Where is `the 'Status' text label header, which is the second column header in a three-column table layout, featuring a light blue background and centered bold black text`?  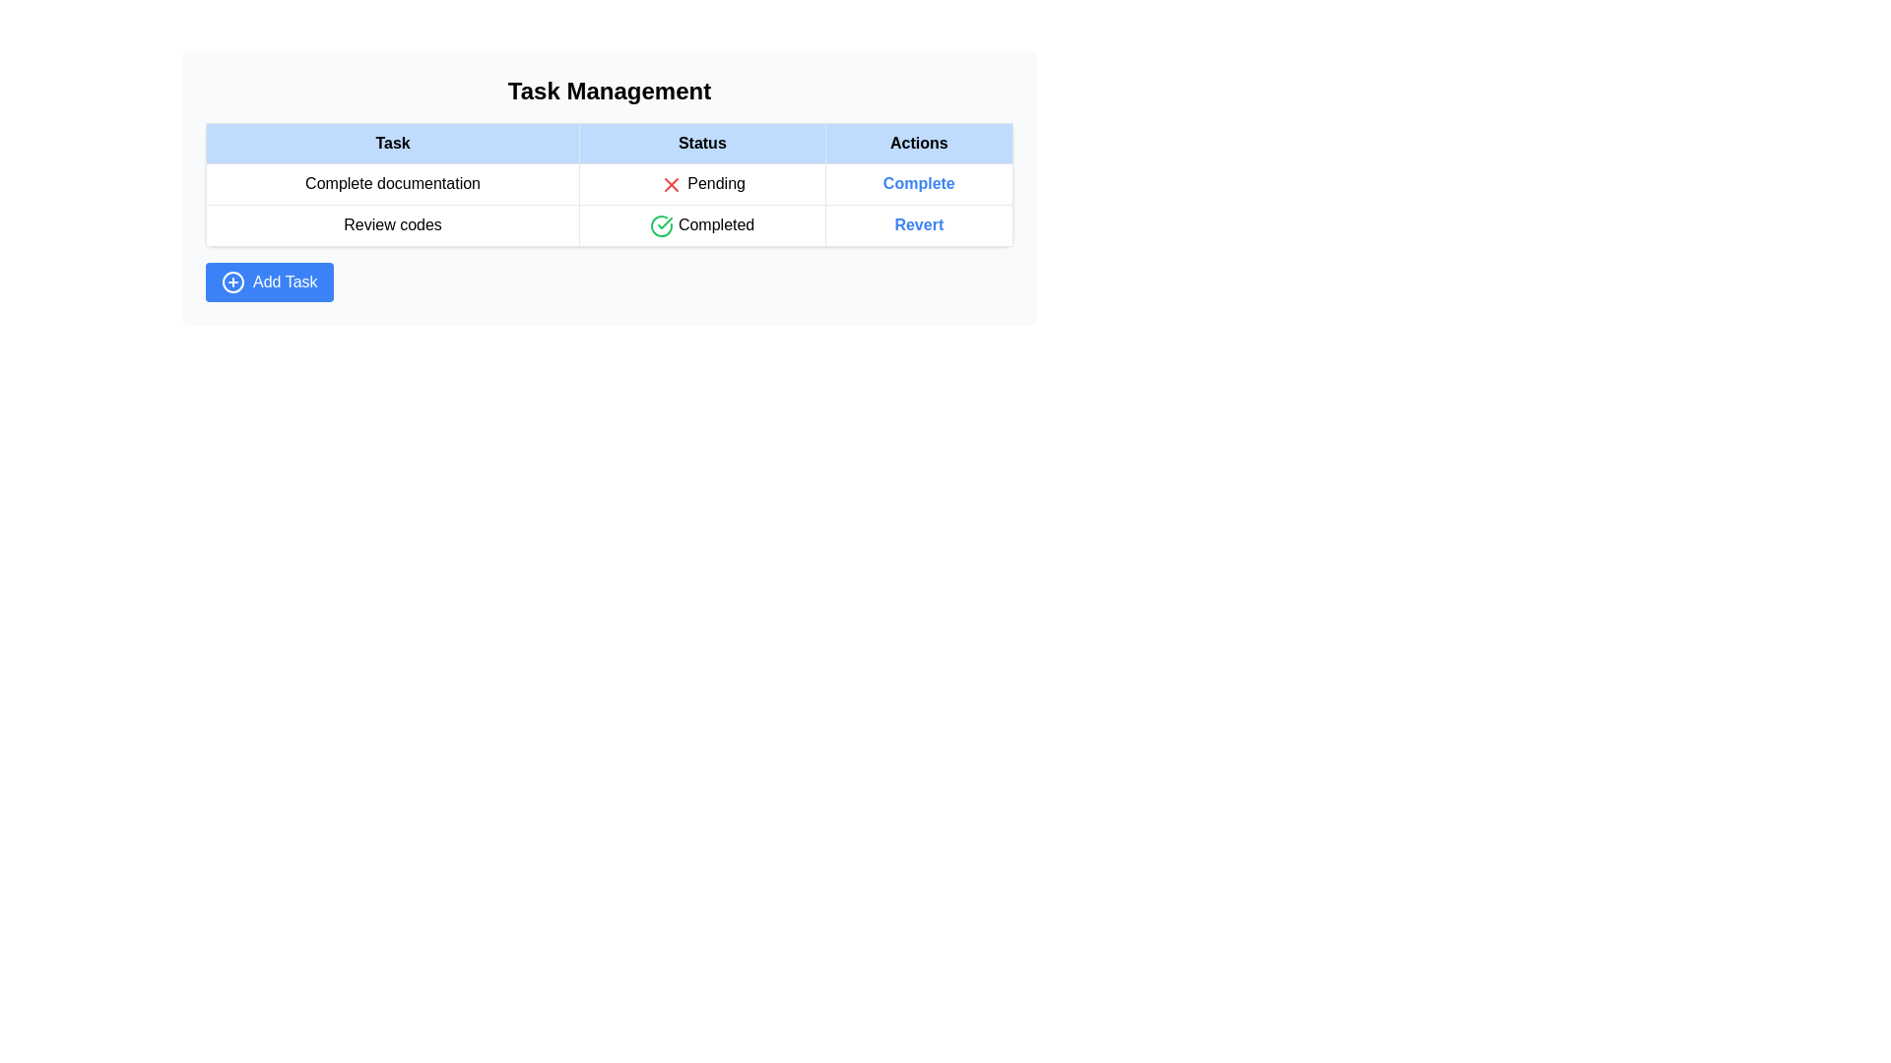
the 'Status' text label header, which is the second column header in a three-column table layout, featuring a light blue background and centered bold black text is located at coordinates (702, 143).